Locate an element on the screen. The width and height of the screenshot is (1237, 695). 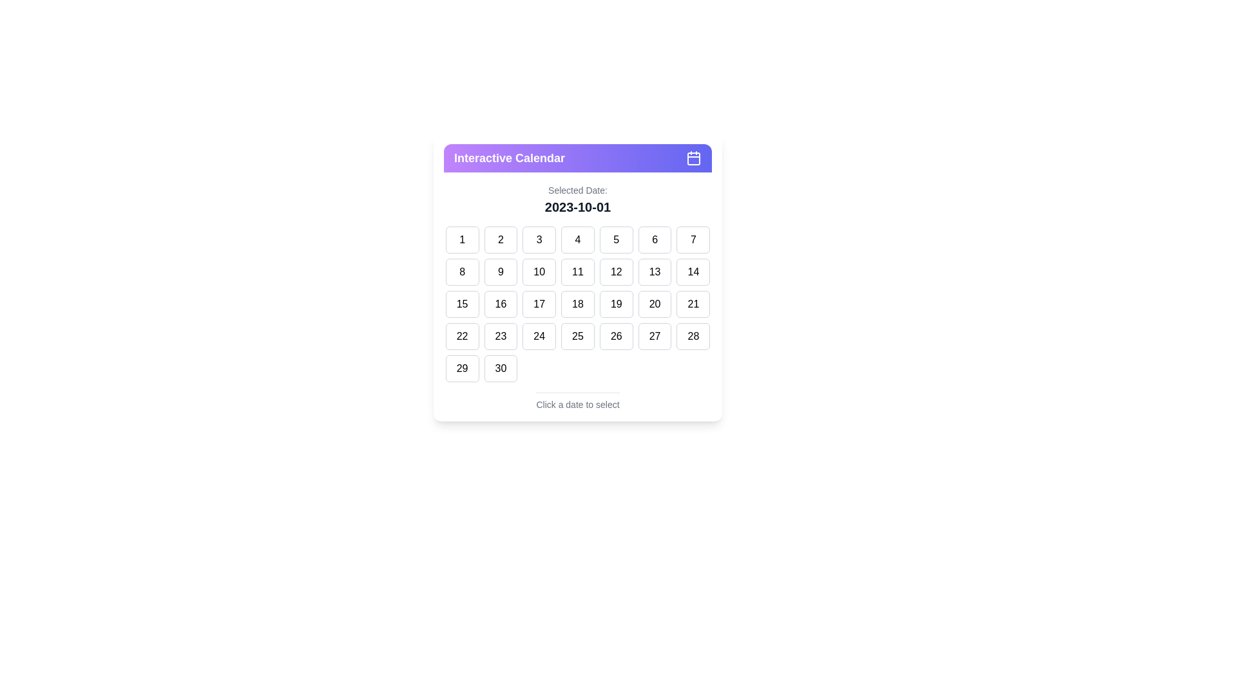
the Text Label that serves as the title of the Interactive Calendar interface, located in the top-left corner of the purple header bar is located at coordinates (509, 158).